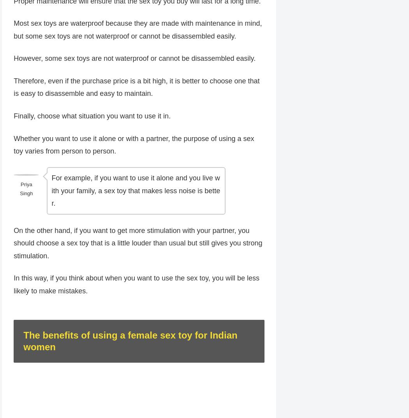  What do you see at coordinates (135, 191) in the screenshot?
I see `'For example, if you want to use it alone and you live with your family, a sex toy that makes less noise is better.'` at bounding box center [135, 191].